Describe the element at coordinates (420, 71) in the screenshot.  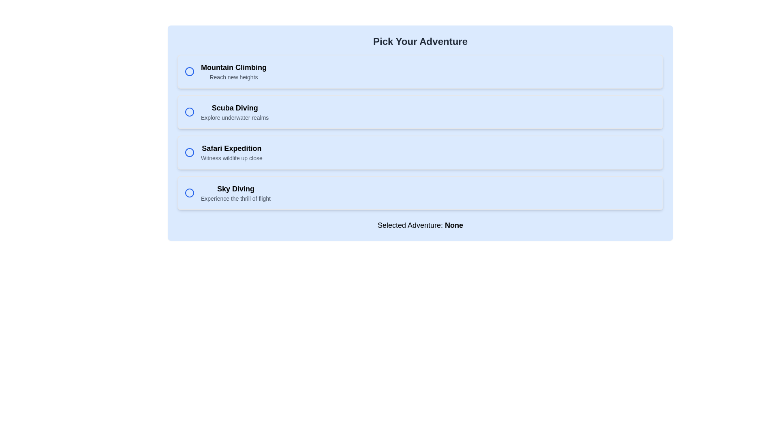
I see `the first selectable list item for 'Mountain Climbing' adventure` at that location.